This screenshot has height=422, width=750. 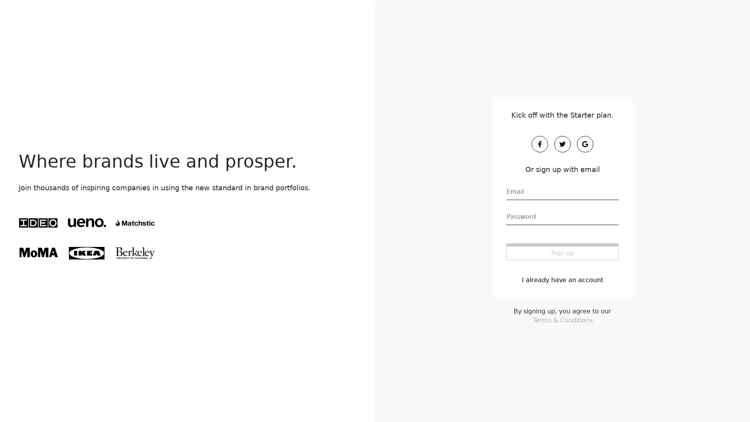 I want to click on Sign up, so click(x=562, y=251).